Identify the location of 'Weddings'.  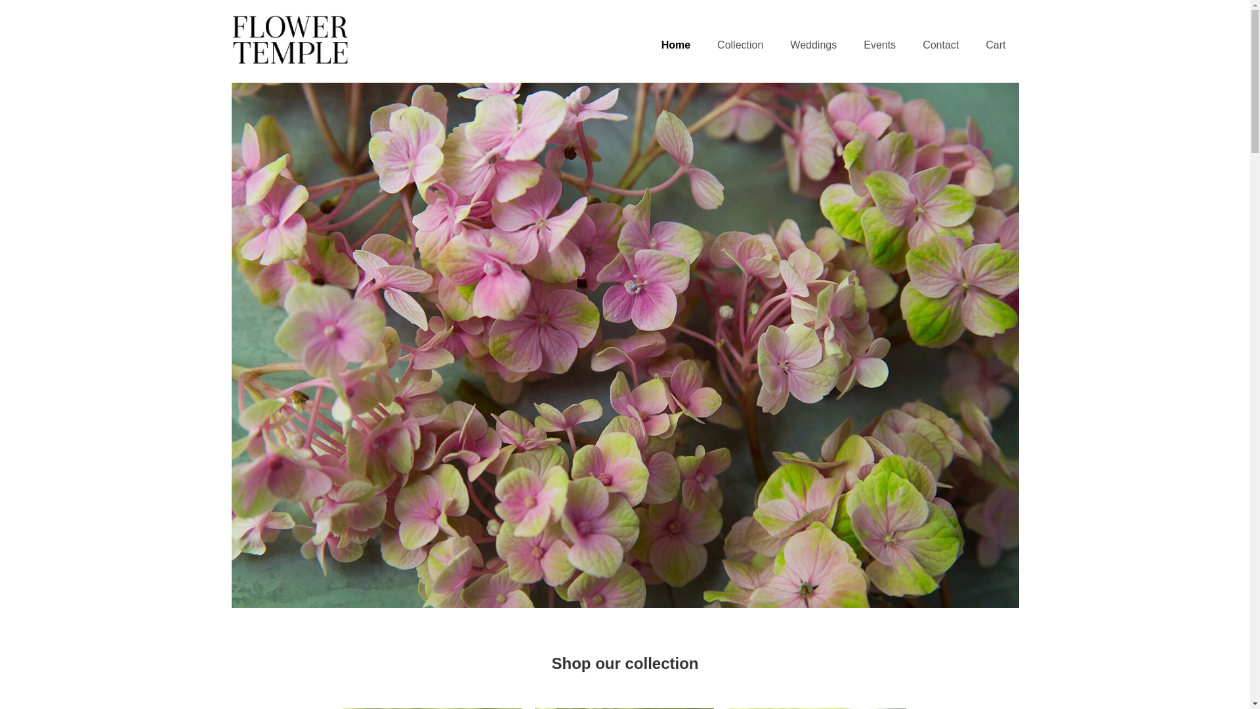
(812, 45).